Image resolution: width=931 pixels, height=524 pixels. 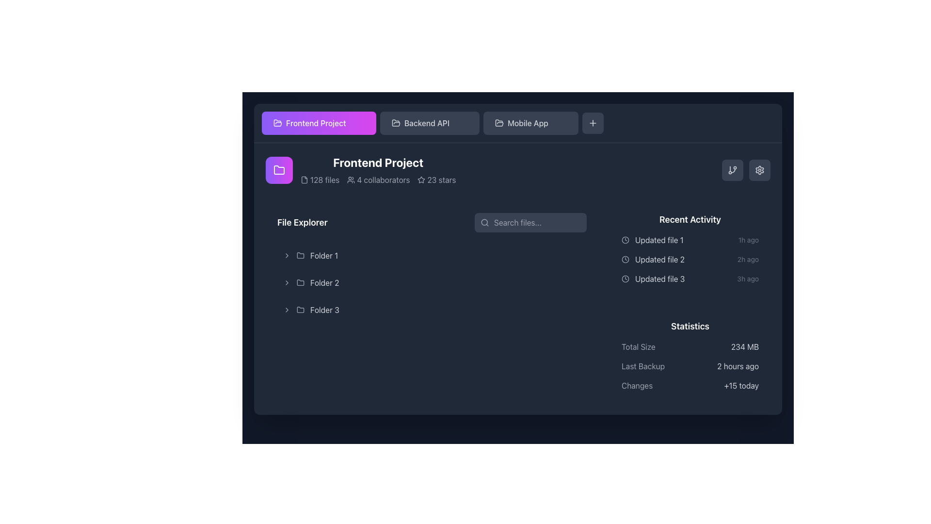 What do you see at coordinates (360, 170) in the screenshot?
I see `the Information banner displaying the project title 'Frontend Project' with icons and counts, located in the top-left section of the main content area` at bounding box center [360, 170].